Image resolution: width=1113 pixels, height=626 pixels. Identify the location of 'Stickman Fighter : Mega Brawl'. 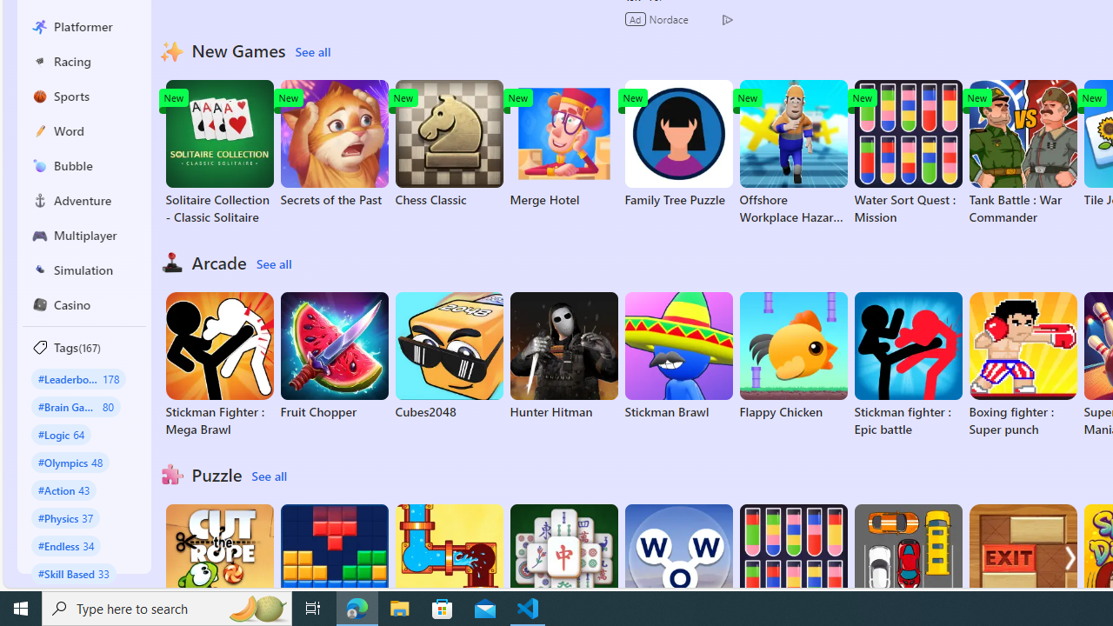
(218, 364).